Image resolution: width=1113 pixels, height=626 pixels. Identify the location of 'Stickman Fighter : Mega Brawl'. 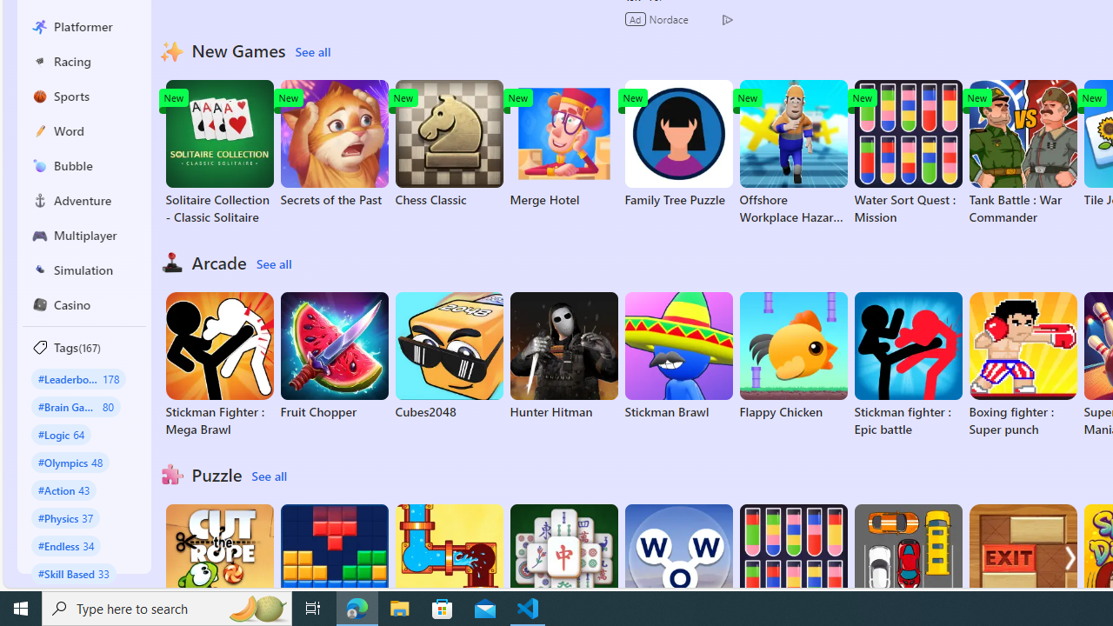
(218, 364).